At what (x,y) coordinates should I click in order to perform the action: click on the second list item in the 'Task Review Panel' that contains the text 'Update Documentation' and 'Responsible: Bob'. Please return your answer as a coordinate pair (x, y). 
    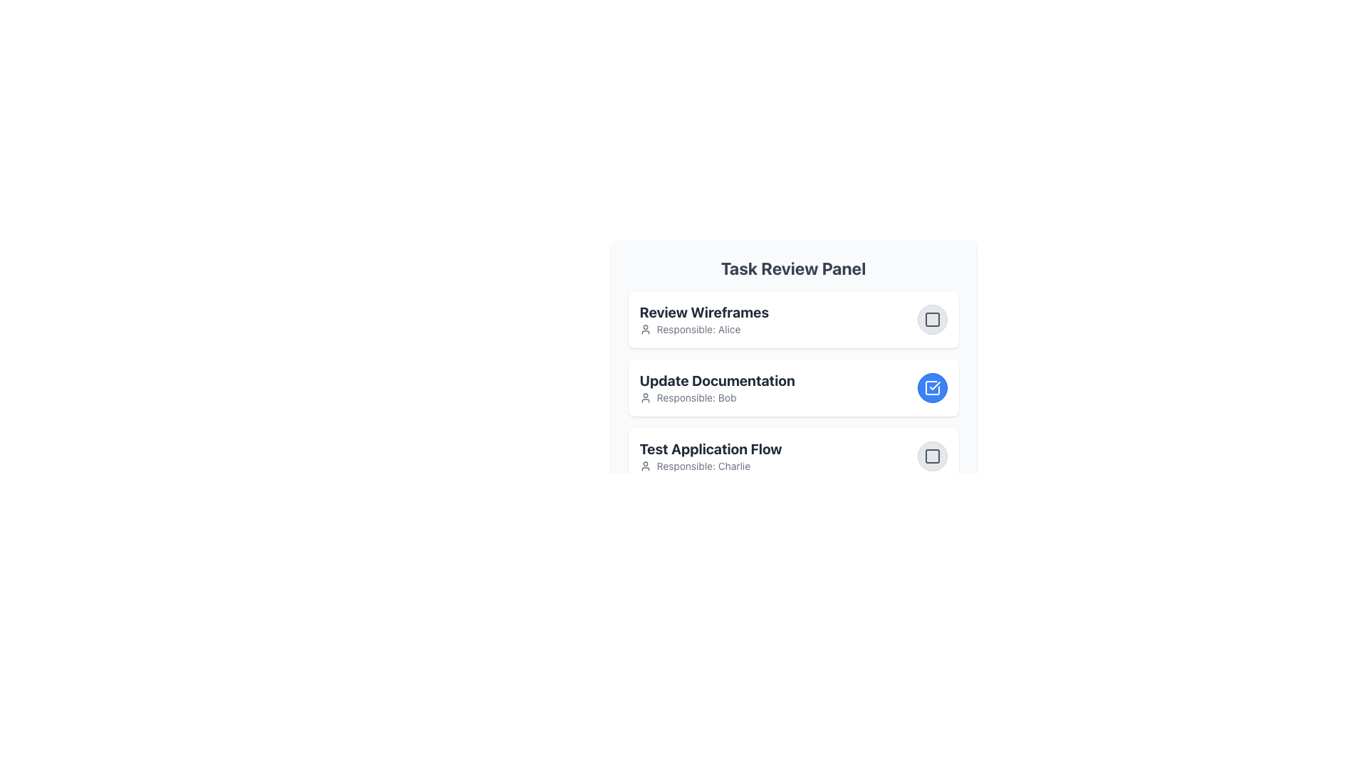
    Looking at the image, I should click on (717, 387).